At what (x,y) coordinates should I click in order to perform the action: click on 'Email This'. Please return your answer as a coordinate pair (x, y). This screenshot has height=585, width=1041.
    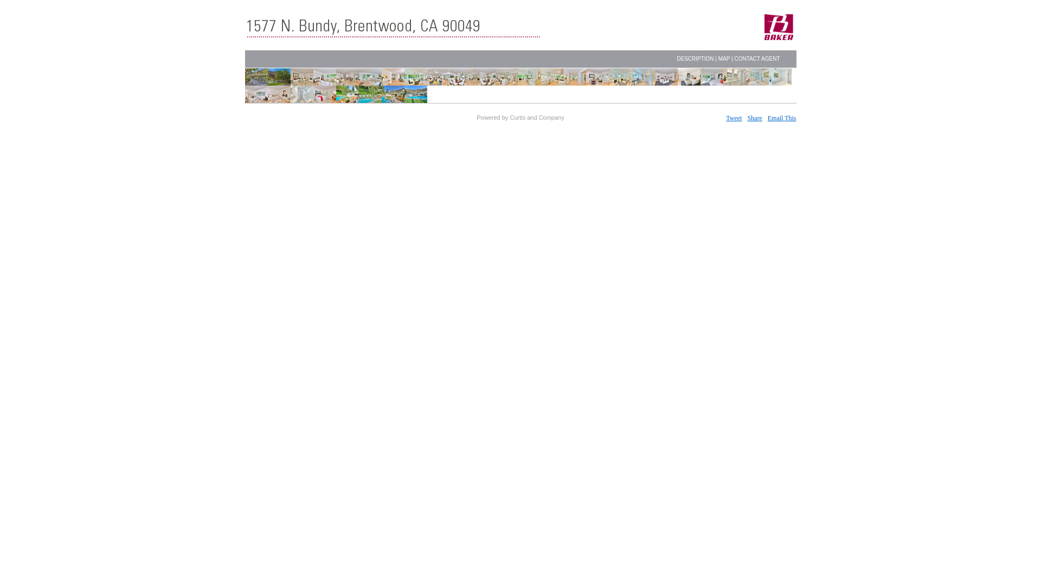
    Looking at the image, I should click on (782, 118).